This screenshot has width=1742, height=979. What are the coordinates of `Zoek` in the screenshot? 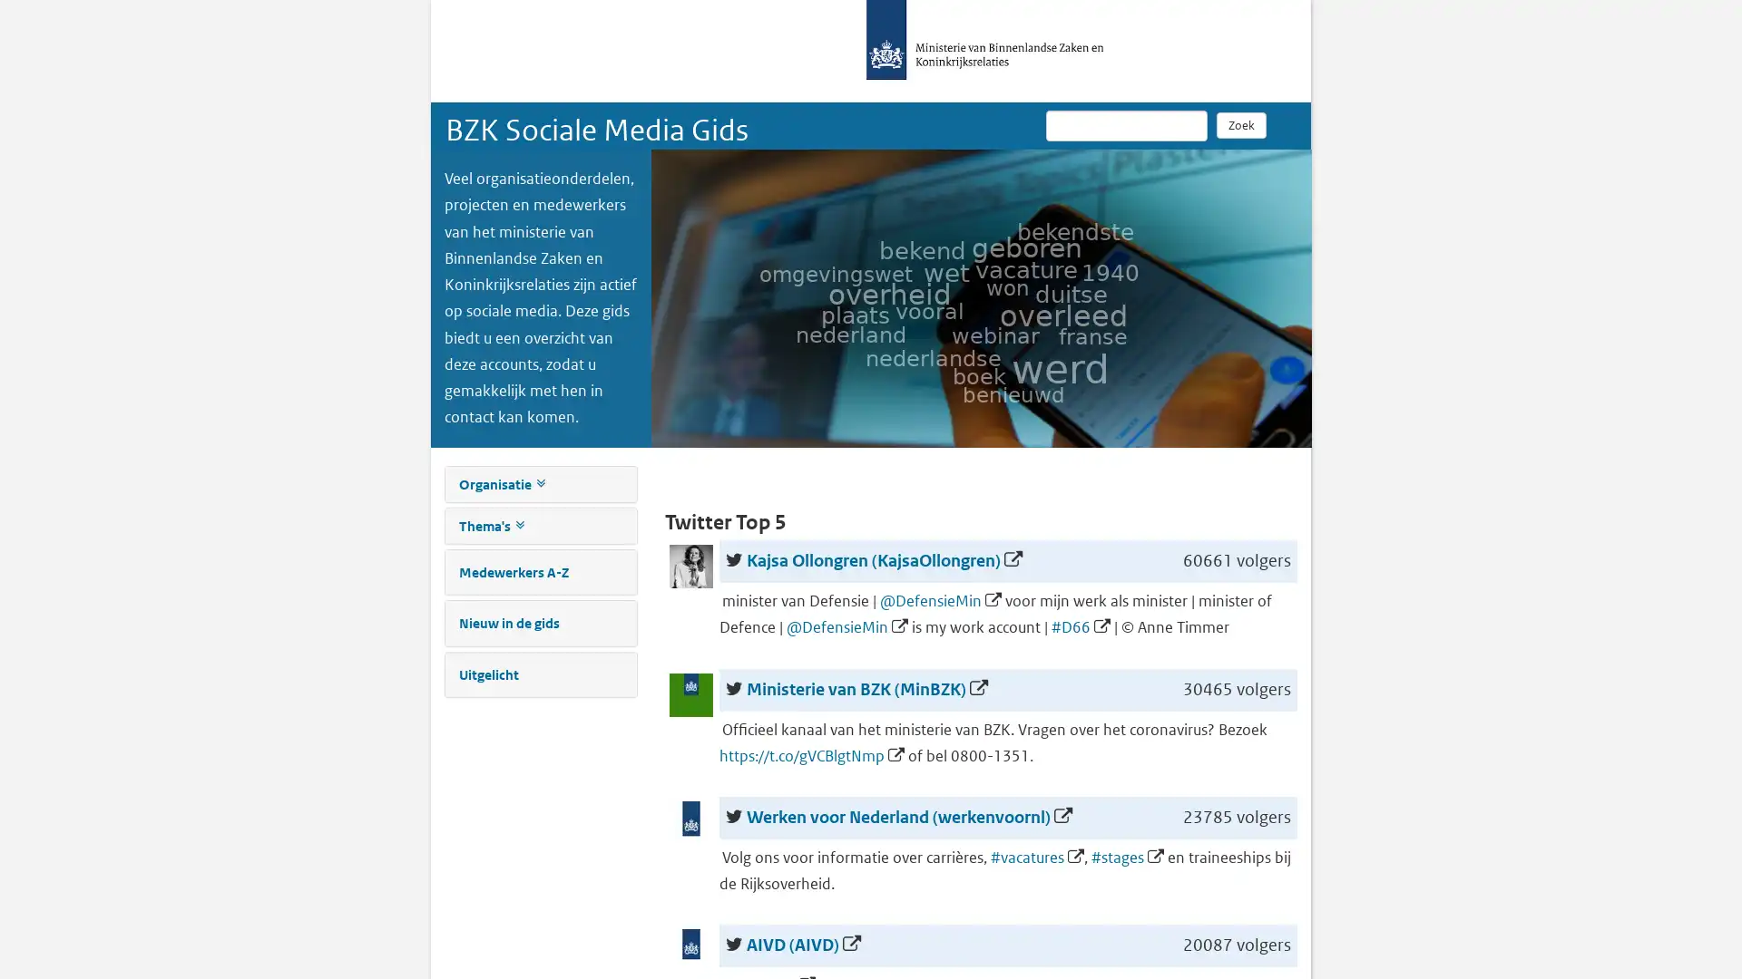 It's located at (1240, 124).